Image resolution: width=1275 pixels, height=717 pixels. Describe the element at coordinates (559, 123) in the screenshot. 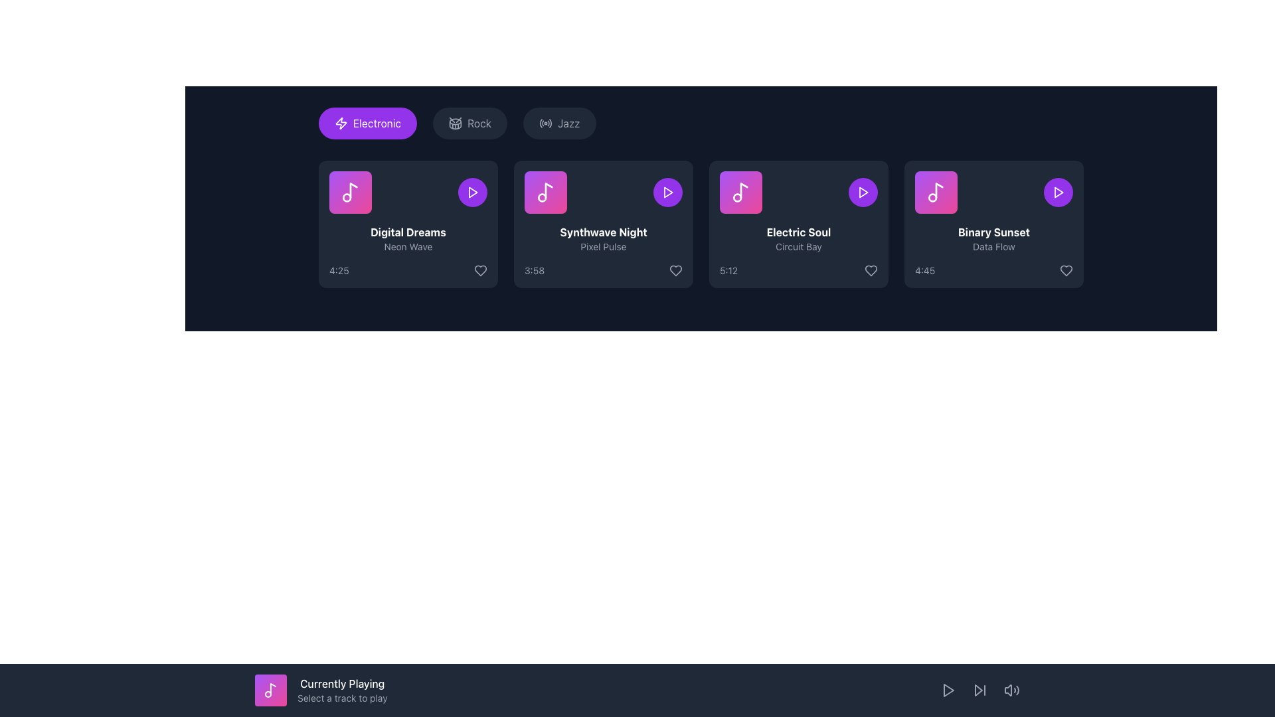

I see `the 'Jazz' button, which is a rectangular button with rounded ends, dark gray background, light gray radio waves icon on the left, and the text 'Jazz' in light gray on the right, located in the upper section of the interface as the third button in a horizontal list` at that location.